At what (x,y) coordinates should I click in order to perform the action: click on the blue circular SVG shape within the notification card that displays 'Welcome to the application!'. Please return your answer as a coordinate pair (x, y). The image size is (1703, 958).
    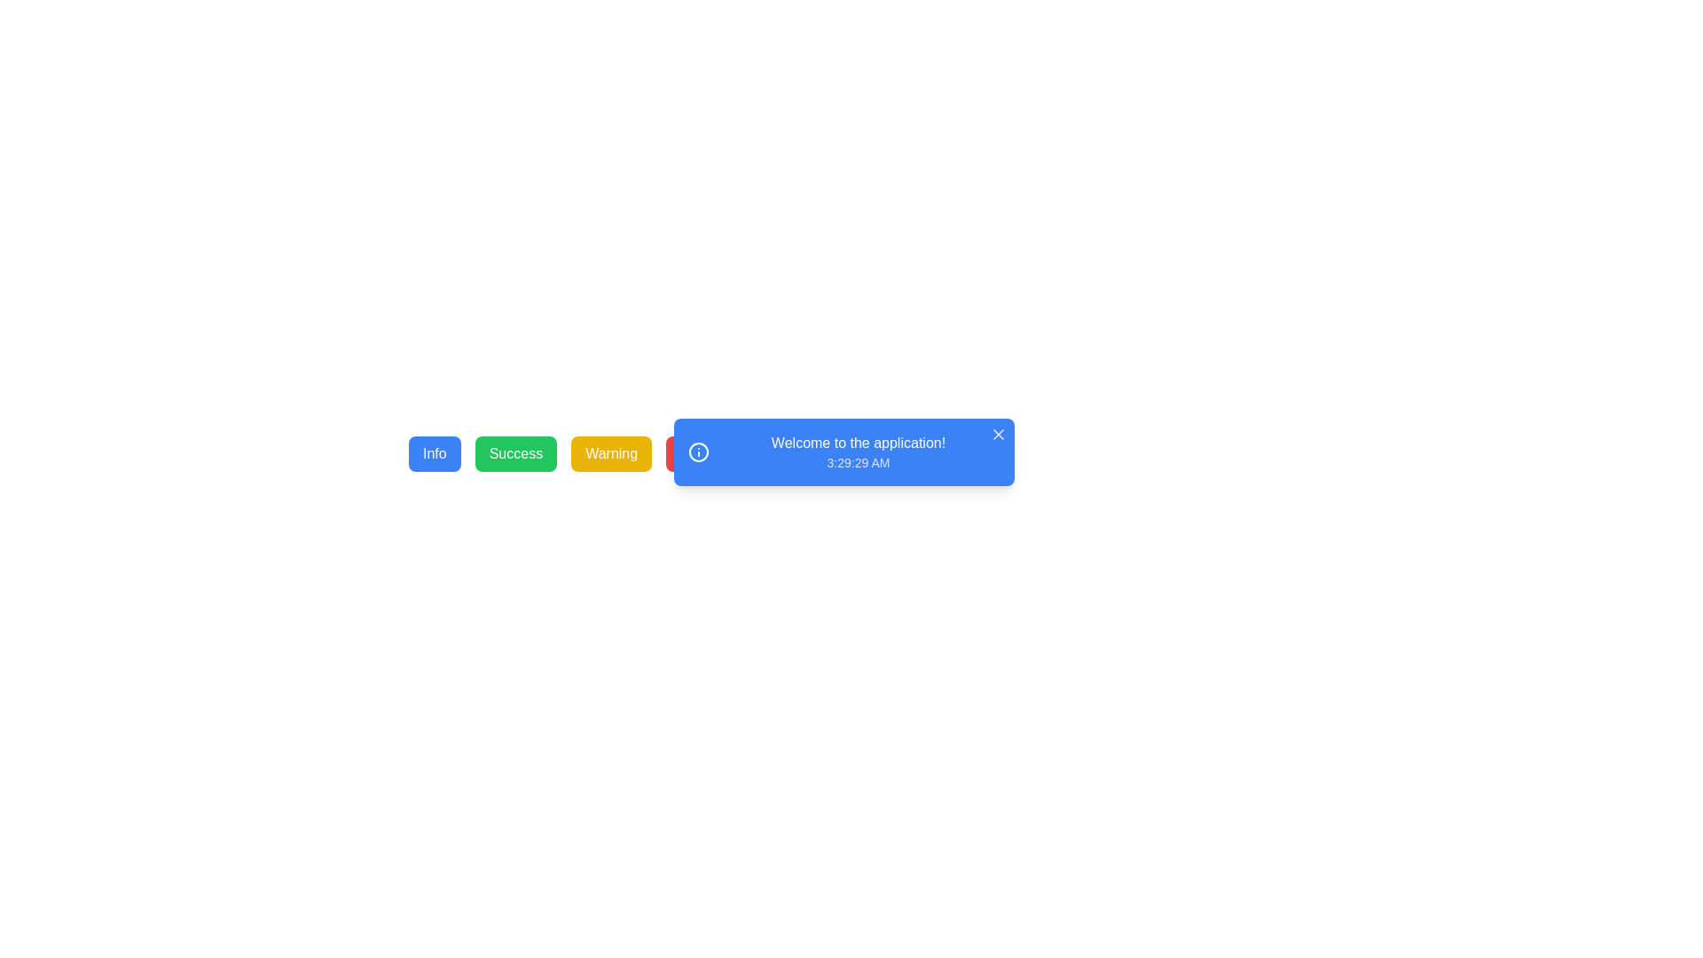
    Looking at the image, I should click on (697, 451).